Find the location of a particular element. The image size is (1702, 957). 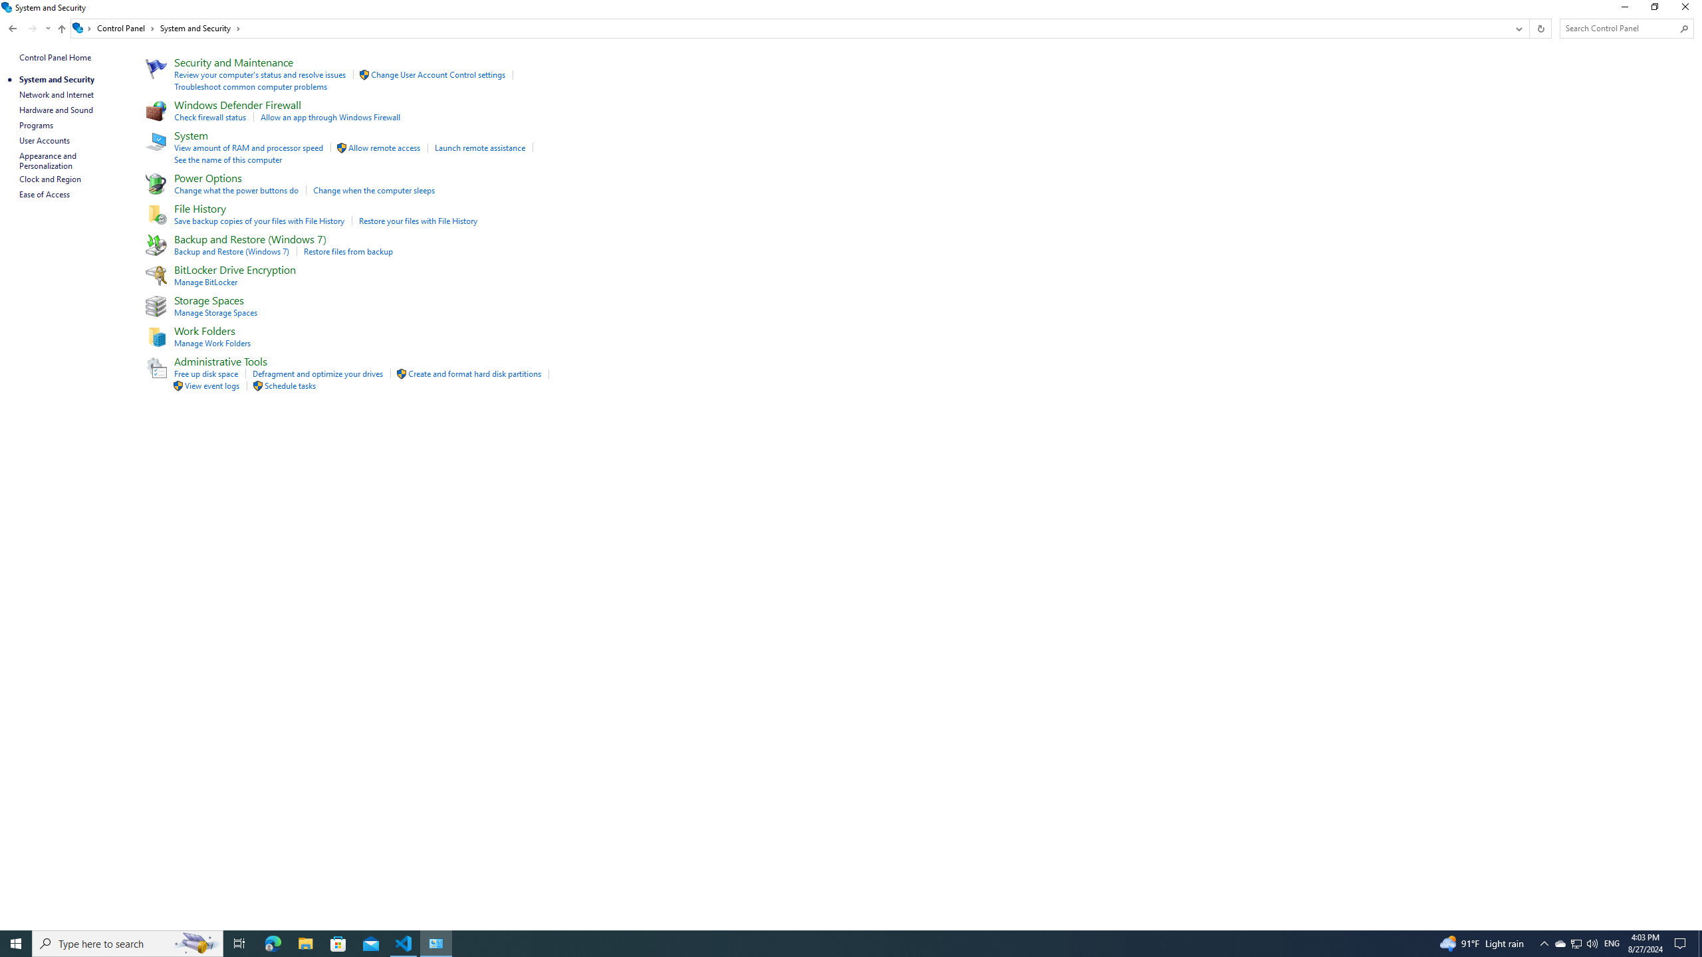

'Allow remote access' is located at coordinates (384, 148).